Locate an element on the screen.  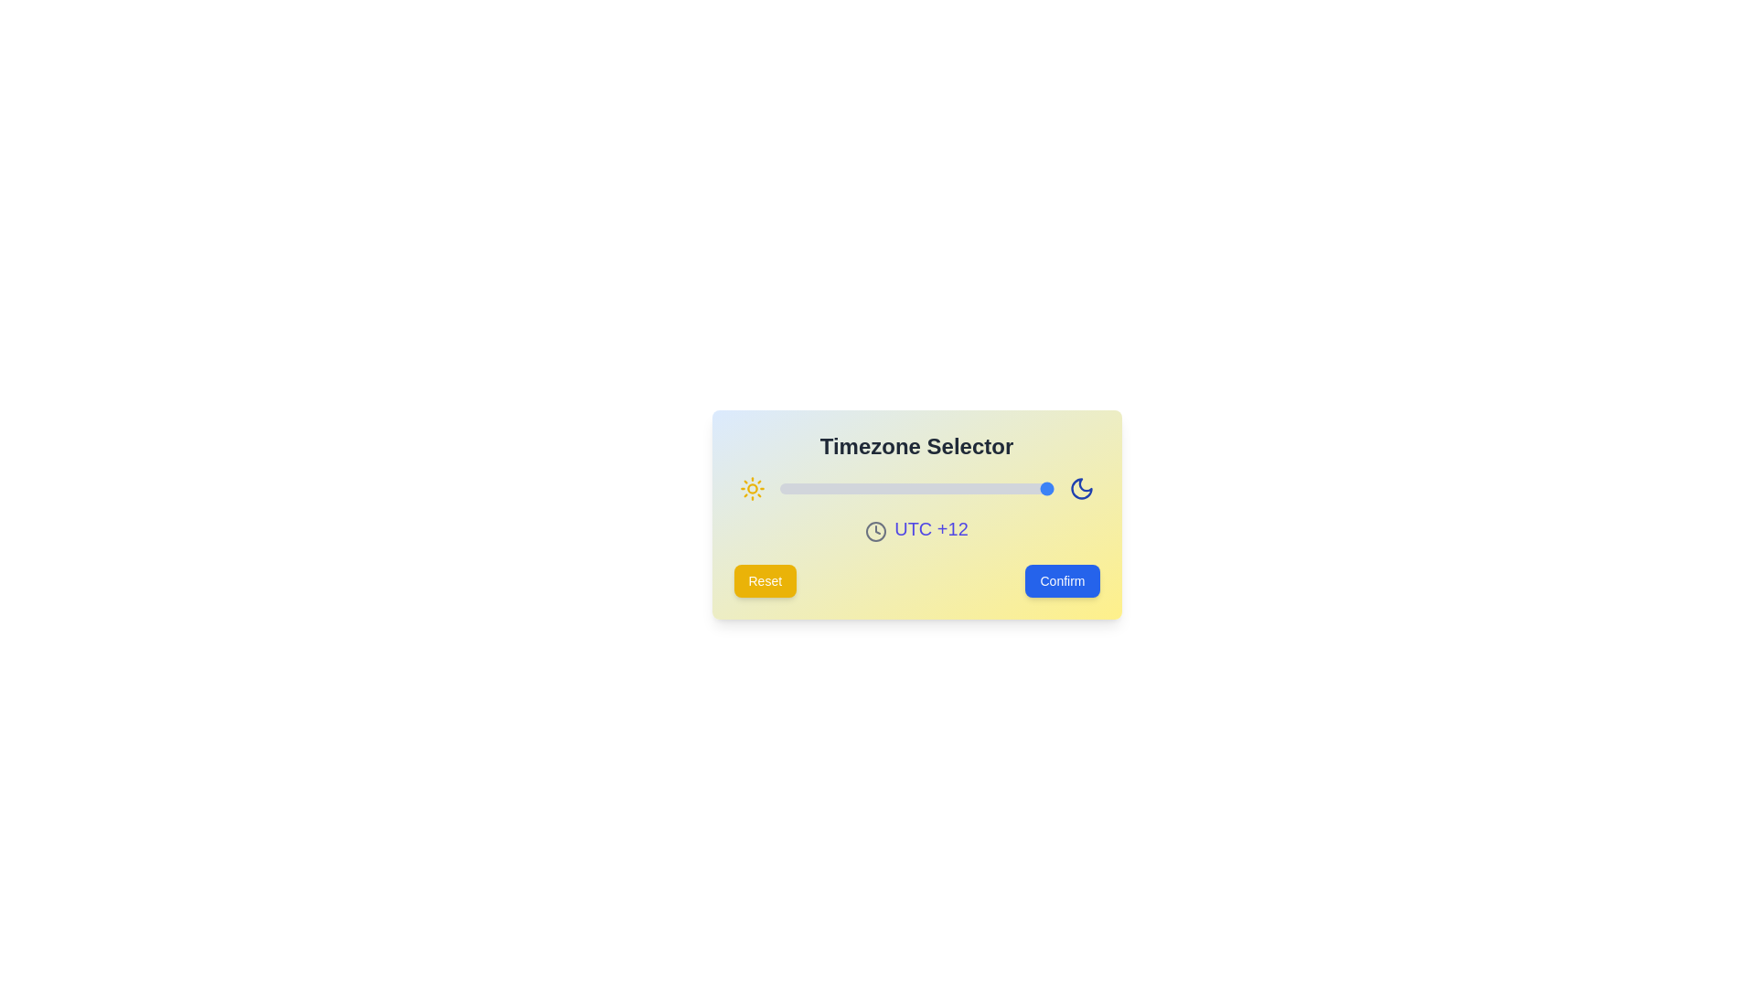
the 'Confirm' button to confirm the selected timezone is located at coordinates (1062, 580).